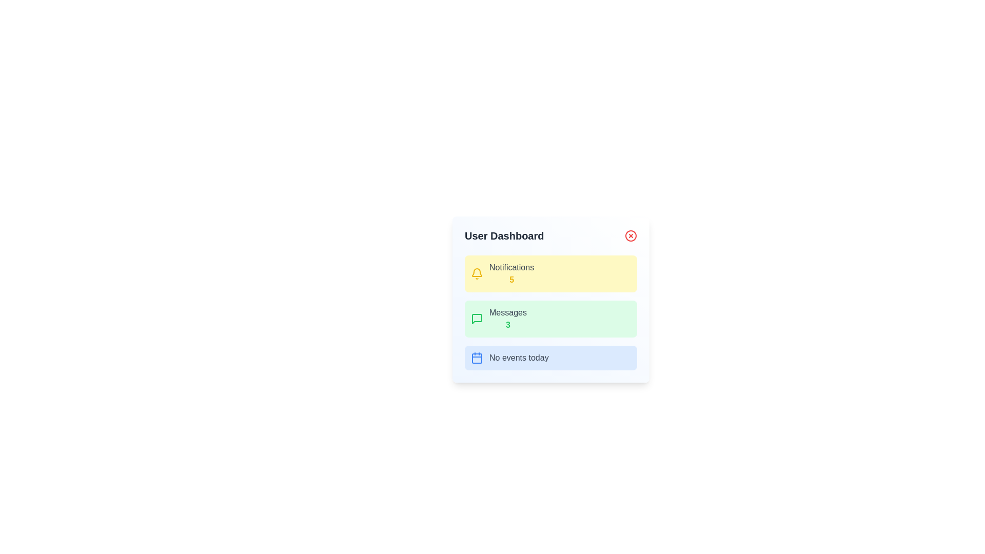 The width and height of the screenshot is (985, 554). What do you see at coordinates (477, 318) in the screenshot?
I see `the green speech bubble-shaped icon located in the Messages section of the User Dashboard, which precedes the text 'Messages3'` at bounding box center [477, 318].